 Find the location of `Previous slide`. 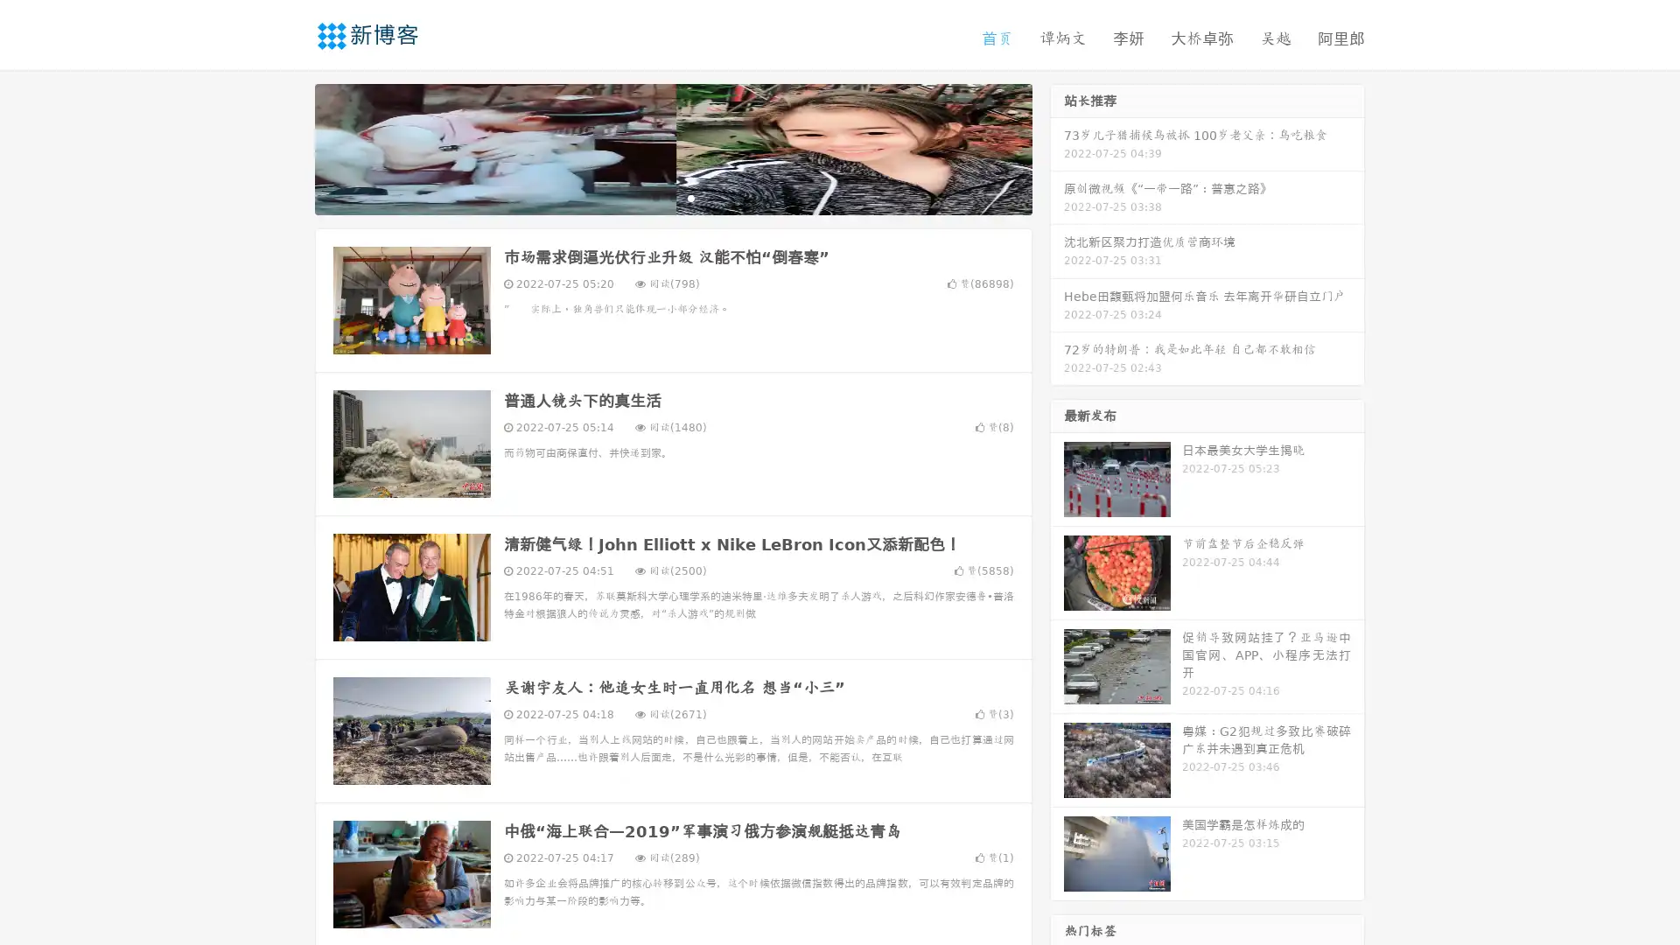

Previous slide is located at coordinates (289, 147).